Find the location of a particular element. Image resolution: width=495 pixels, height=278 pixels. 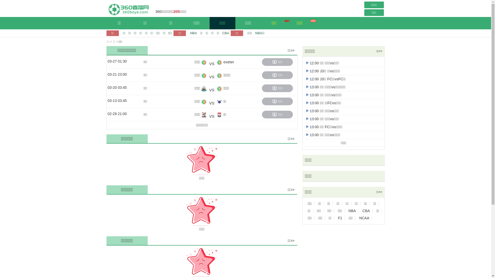

'NCAA' is located at coordinates (364, 218).